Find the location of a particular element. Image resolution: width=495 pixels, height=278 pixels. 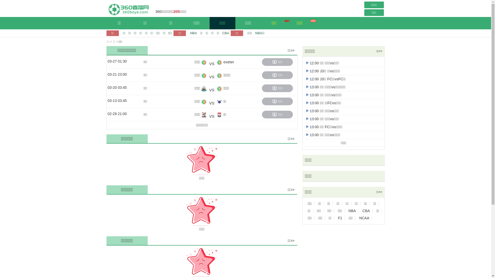

'NCAA' is located at coordinates (364, 218).